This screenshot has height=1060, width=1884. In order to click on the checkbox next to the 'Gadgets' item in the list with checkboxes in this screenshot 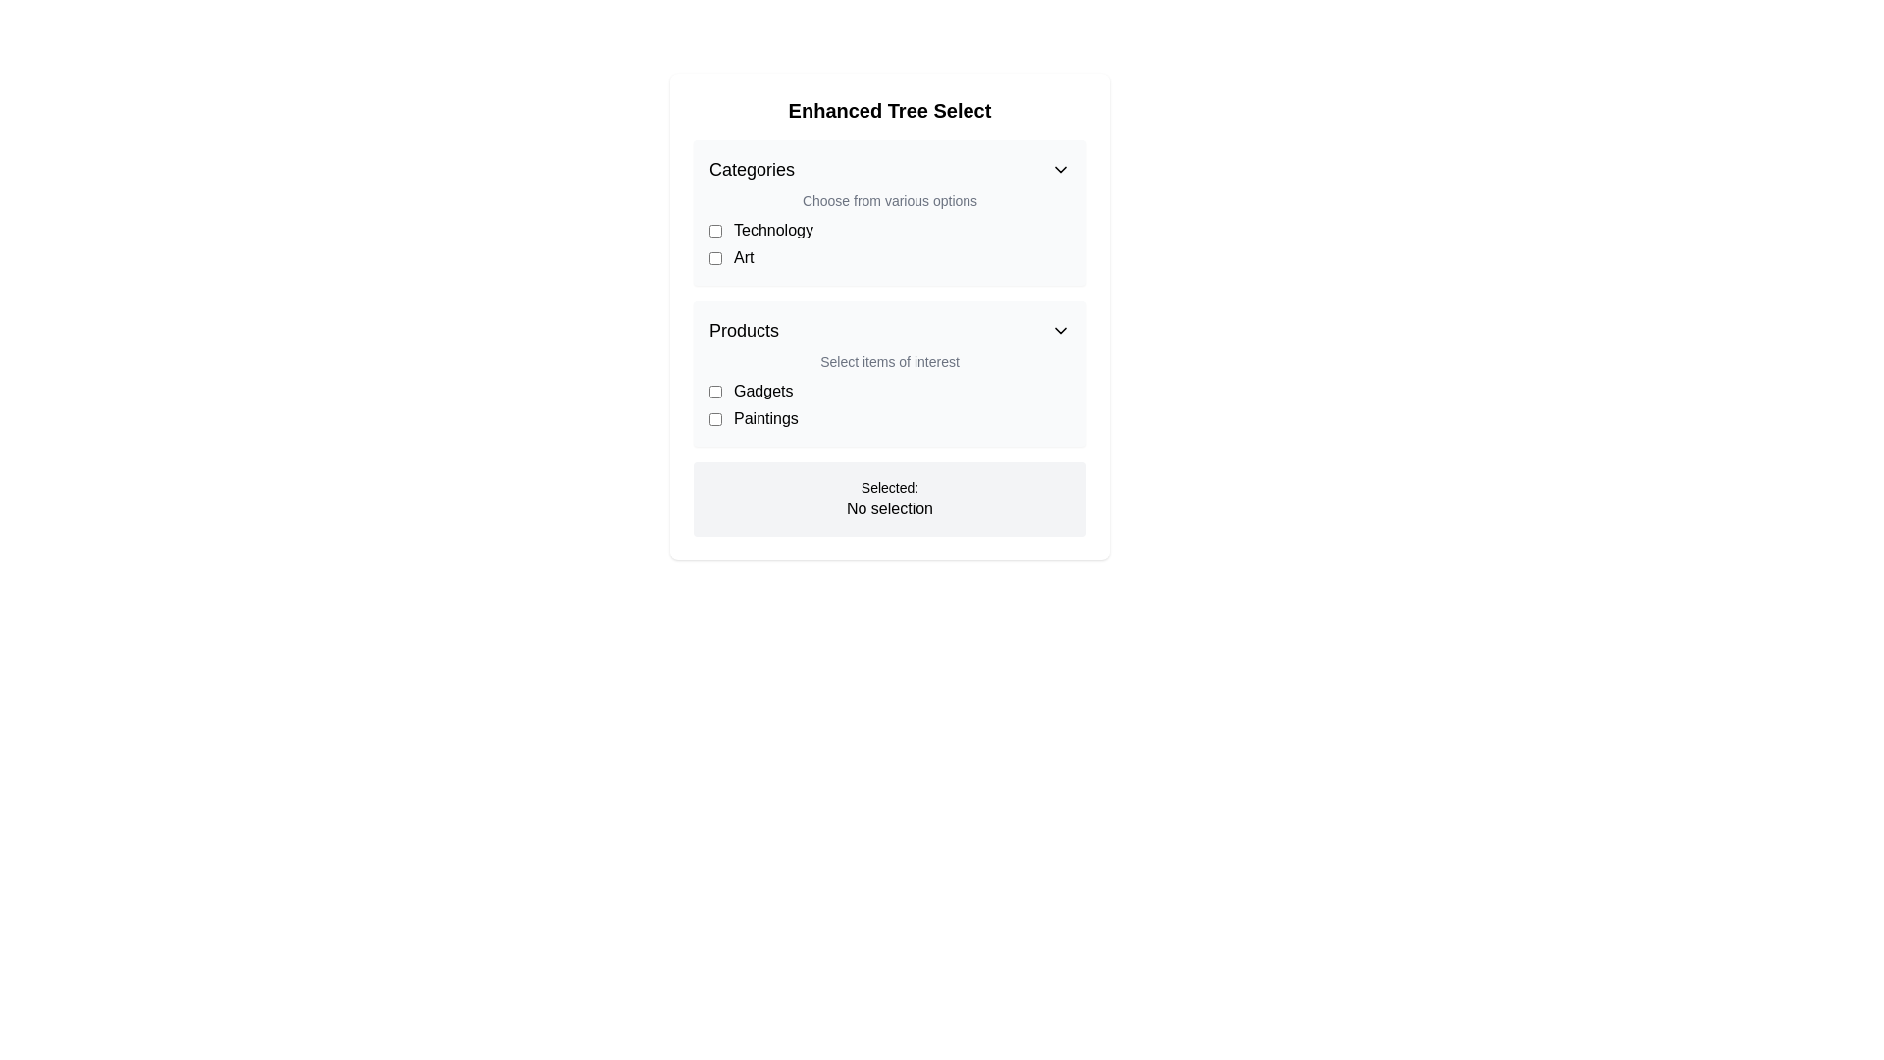, I will do `click(889, 403)`.